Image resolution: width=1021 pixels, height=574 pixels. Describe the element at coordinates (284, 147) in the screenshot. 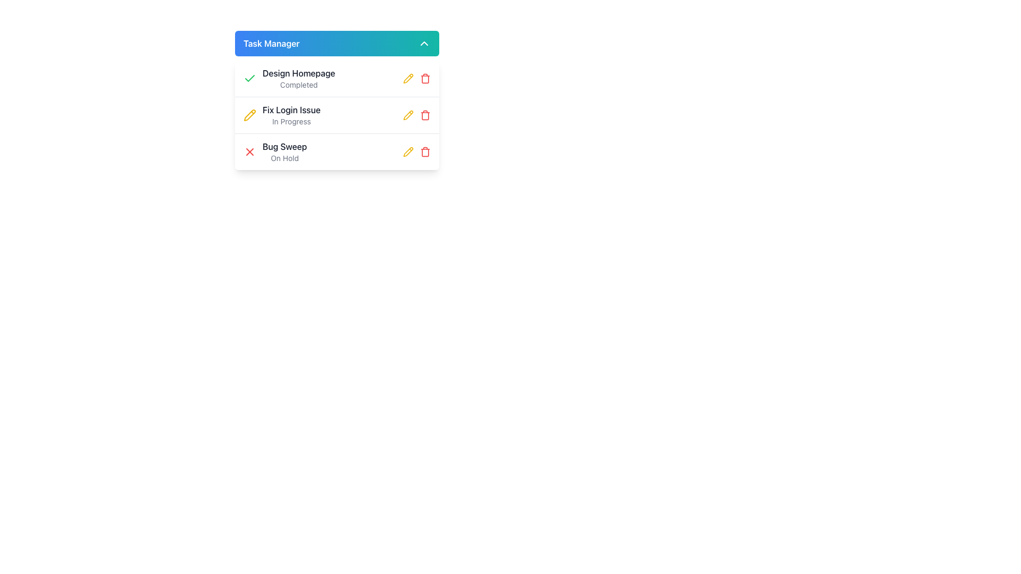

I see `the text label displaying 'Bug Sweep', which is styled in medium font weight and colored black or dark gray, located next to a red cross icon in the task list` at that location.